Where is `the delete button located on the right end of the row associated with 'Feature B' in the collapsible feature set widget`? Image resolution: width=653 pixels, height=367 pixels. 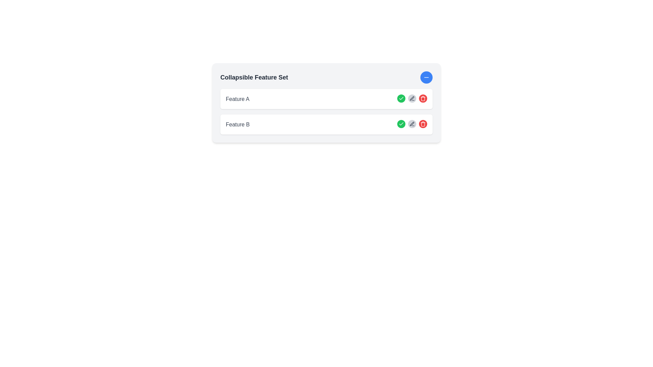 the delete button located on the right end of the row associated with 'Feature B' in the collapsible feature set widget is located at coordinates (422, 124).